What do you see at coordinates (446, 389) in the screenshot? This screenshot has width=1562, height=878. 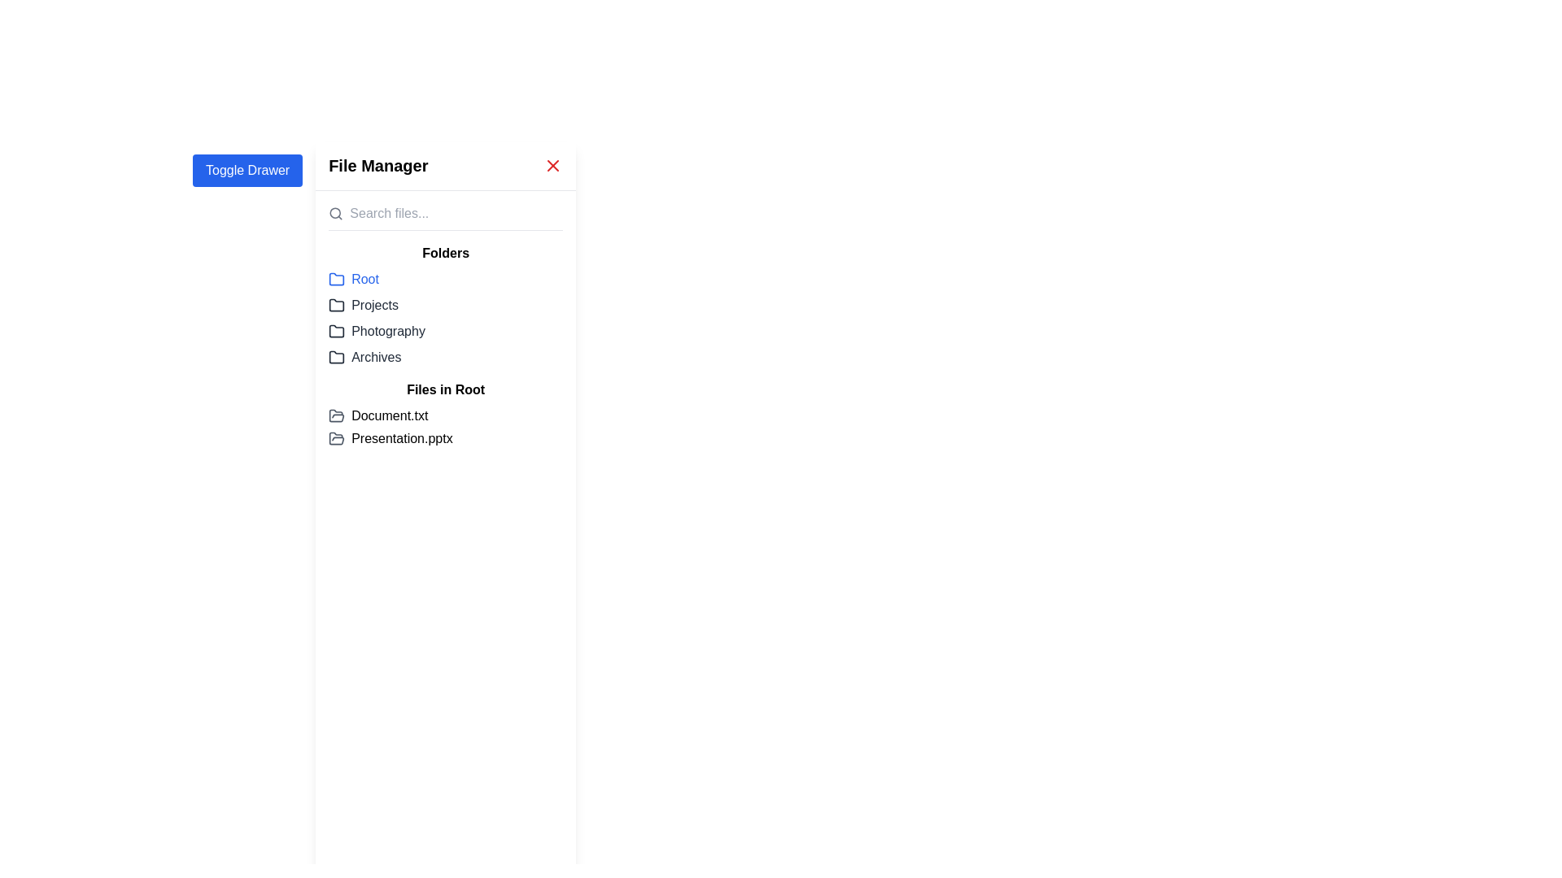 I see `the bold text label 'Files in Root' that is positioned above the file entries in the file manager layout` at bounding box center [446, 389].